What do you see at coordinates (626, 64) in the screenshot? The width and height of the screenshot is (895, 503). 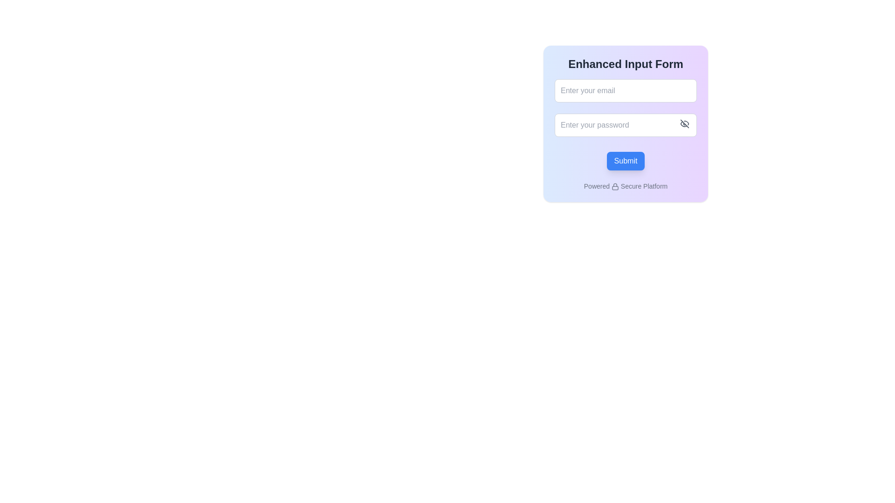 I see `the title text element at the top of the form, which serves as a descriptor for the content below` at bounding box center [626, 64].